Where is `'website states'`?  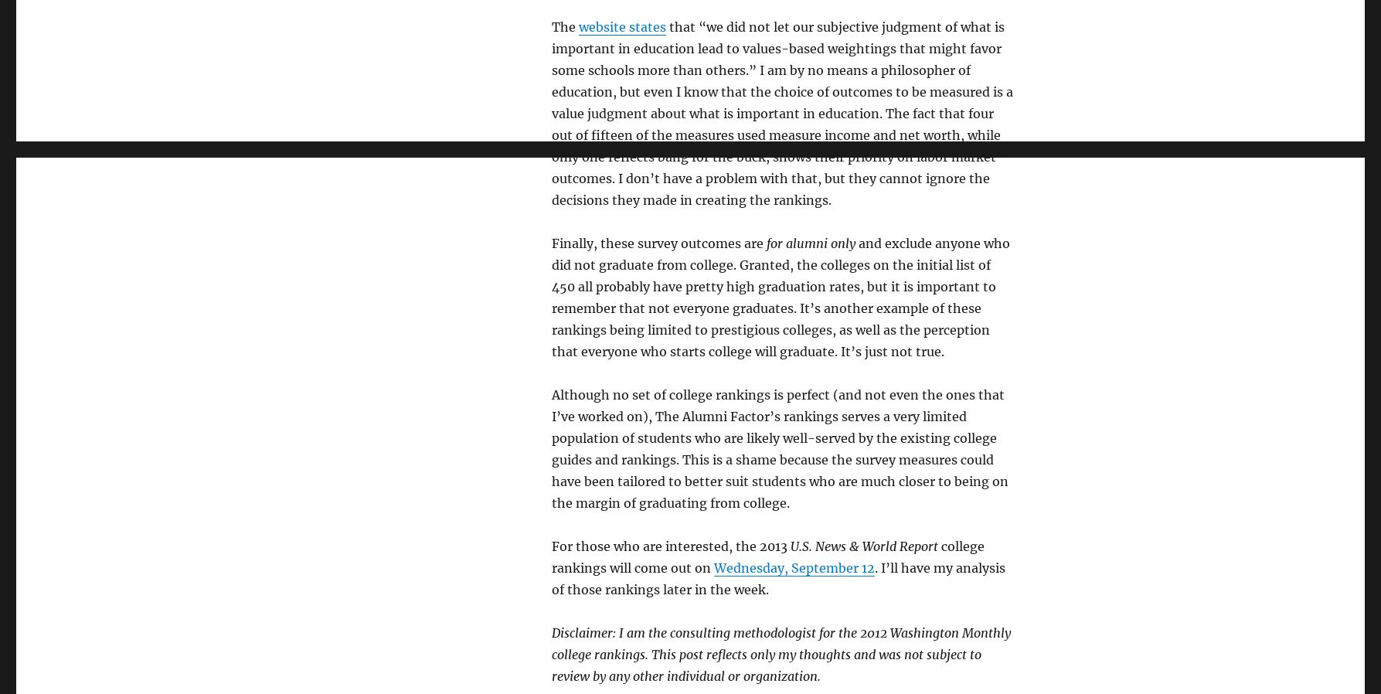 'website states' is located at coordinates (621, 26).